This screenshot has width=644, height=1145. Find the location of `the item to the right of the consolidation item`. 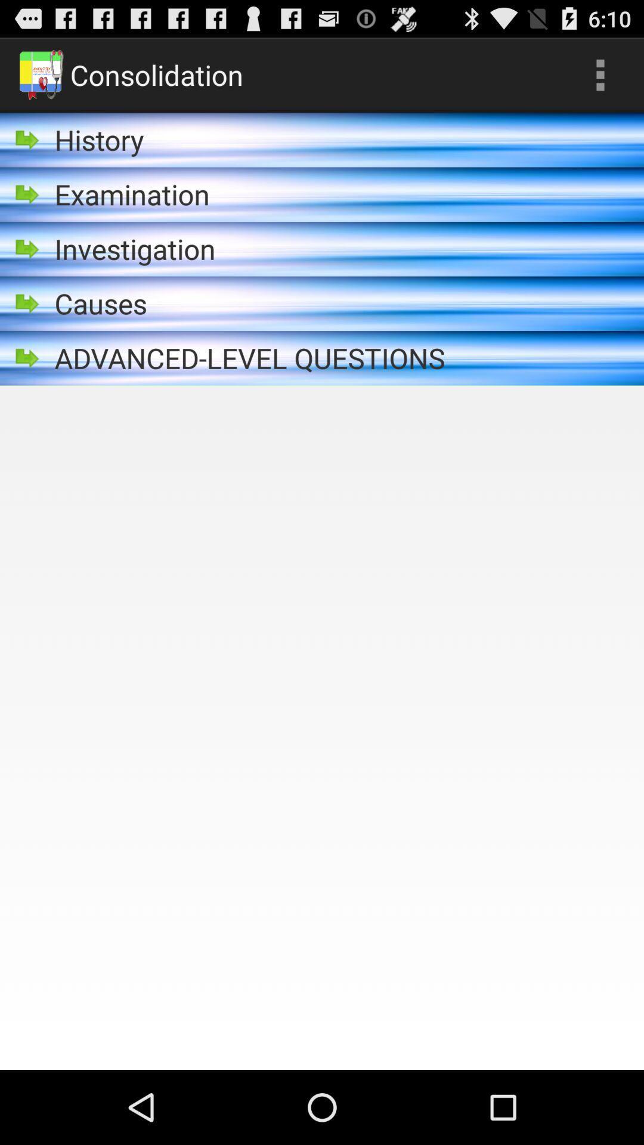

the item to the right of the consolidation item is located at coordinates (600, 74).